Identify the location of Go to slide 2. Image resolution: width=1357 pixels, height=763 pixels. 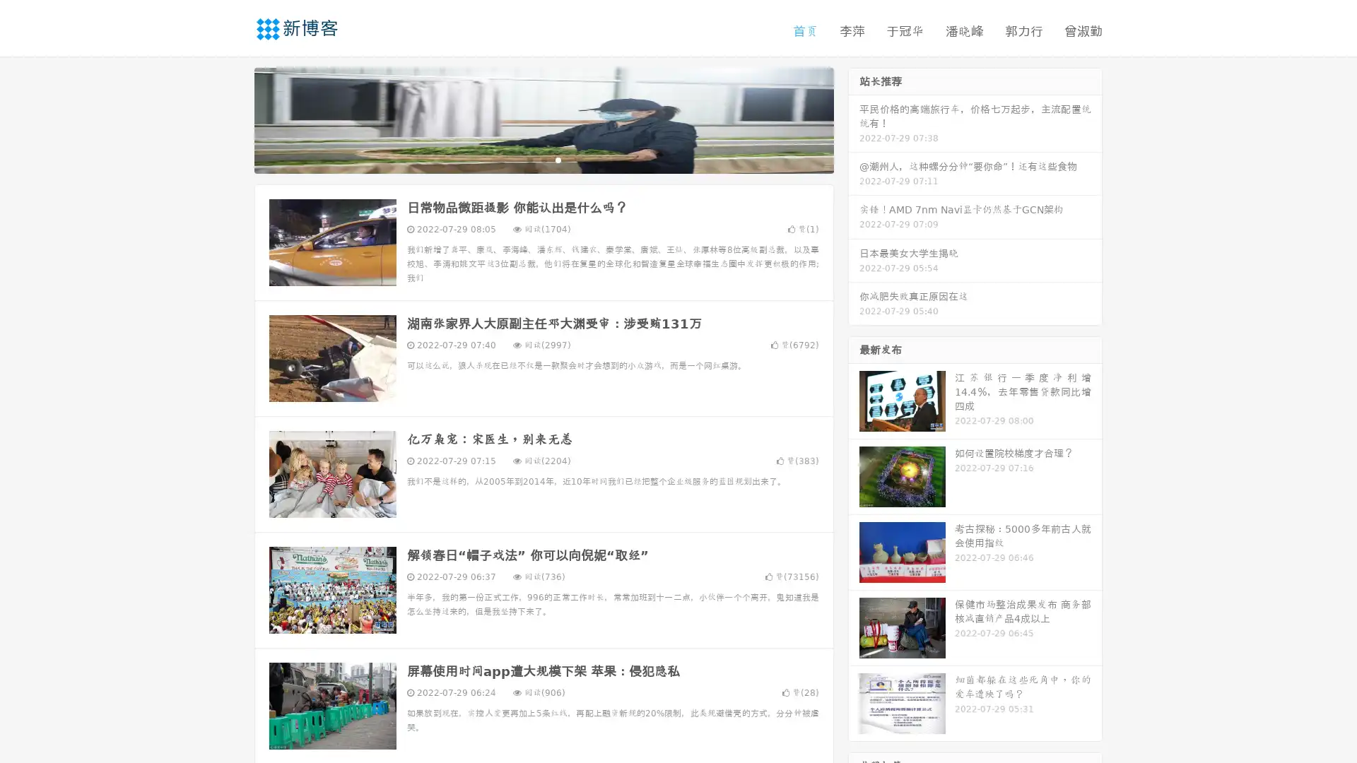
(543, 159).